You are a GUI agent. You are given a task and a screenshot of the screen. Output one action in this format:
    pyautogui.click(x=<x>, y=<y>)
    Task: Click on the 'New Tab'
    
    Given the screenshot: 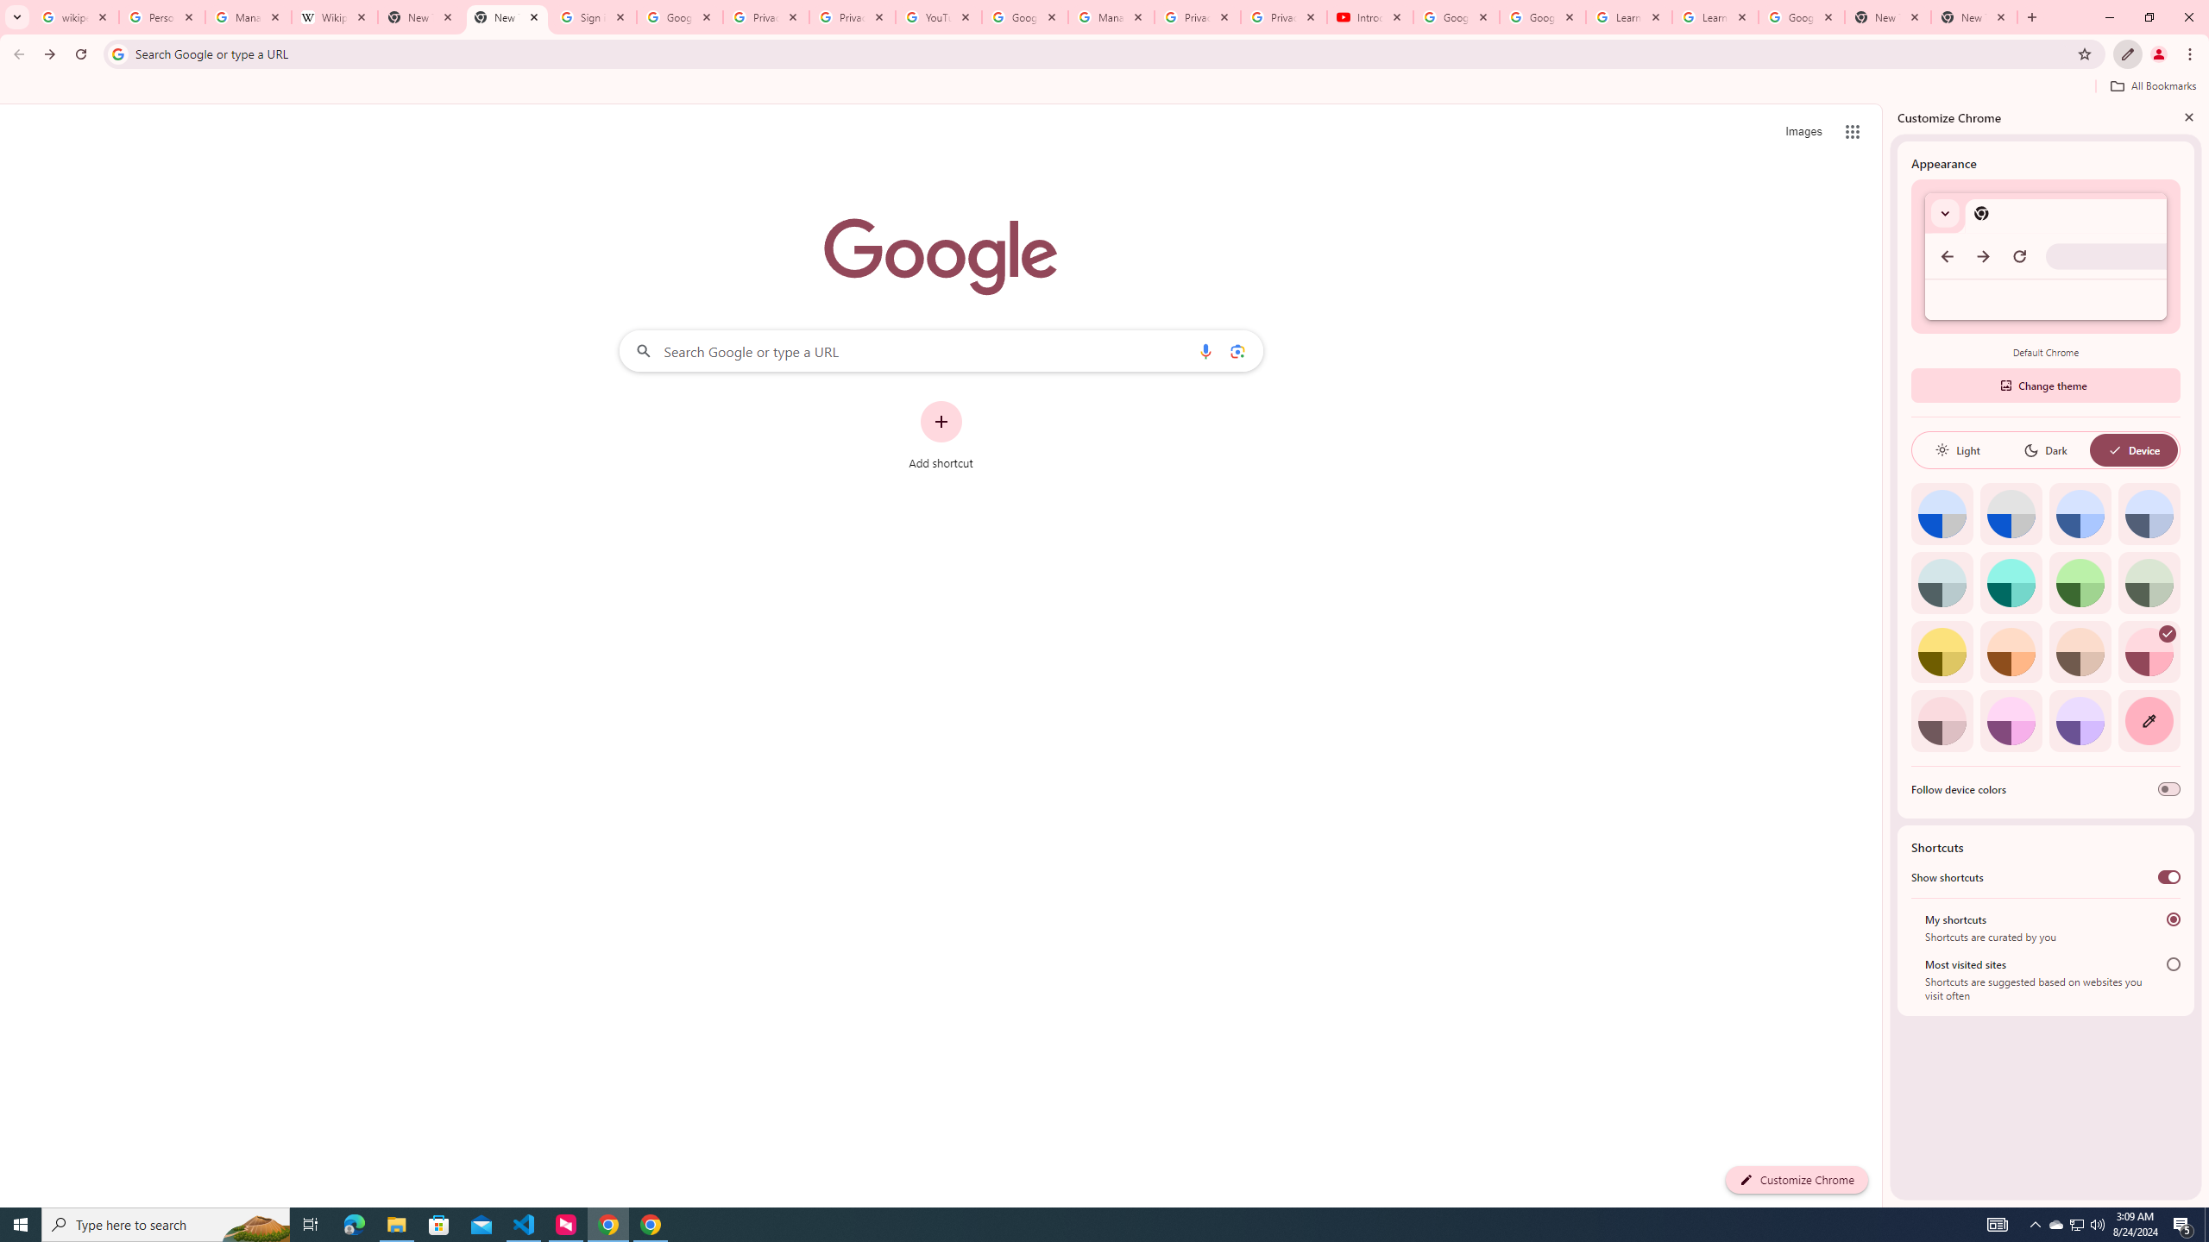 What is the action you would take?
    pyautogui.click(x=1888, y=16)
    